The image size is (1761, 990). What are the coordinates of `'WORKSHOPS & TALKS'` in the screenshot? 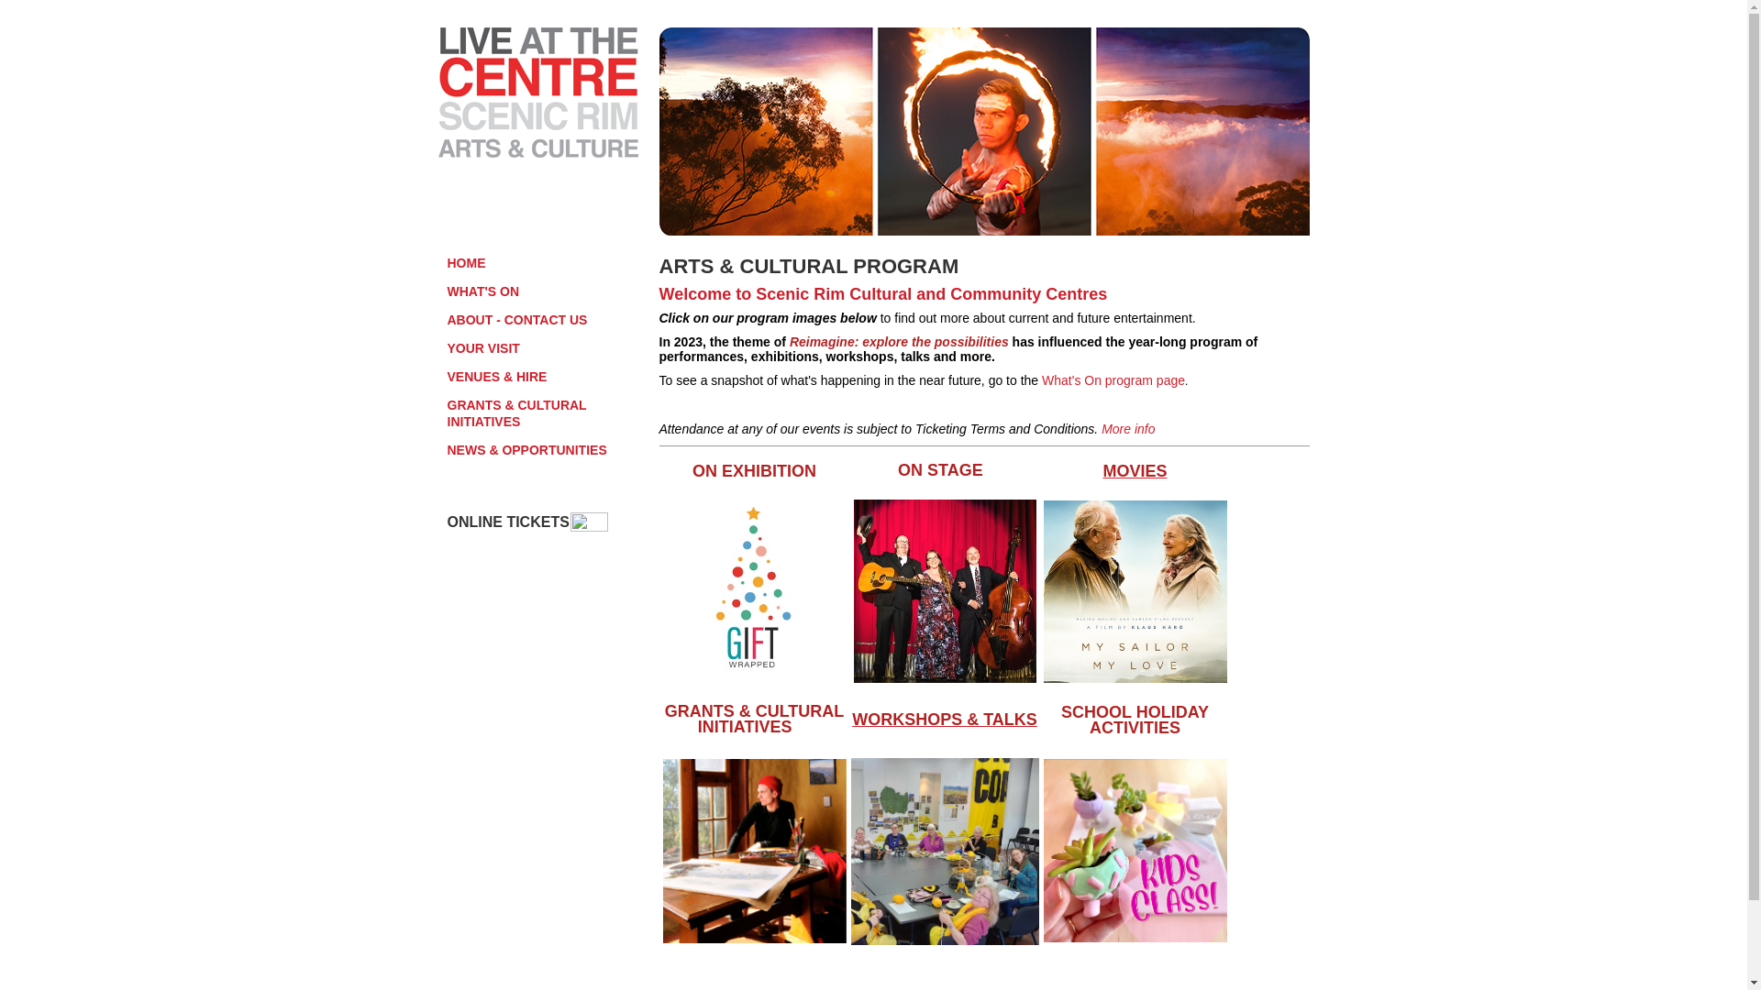 It's located at (945, 719).